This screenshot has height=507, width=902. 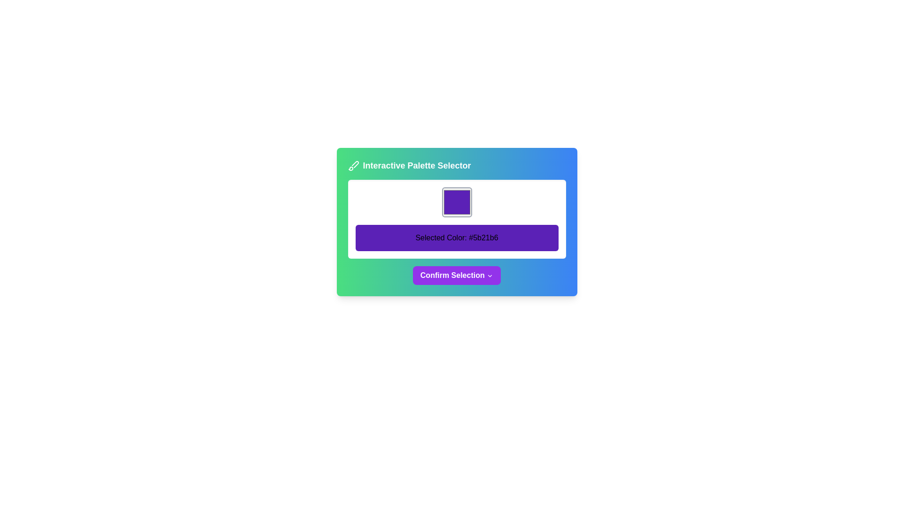 What do you see at coordinates (457, 222) in the screenshot?
I see `the Color Picker Button, which is the central interactive square within the 'Interactive Palette Selector' UI component` at bounding box center [457, 222].